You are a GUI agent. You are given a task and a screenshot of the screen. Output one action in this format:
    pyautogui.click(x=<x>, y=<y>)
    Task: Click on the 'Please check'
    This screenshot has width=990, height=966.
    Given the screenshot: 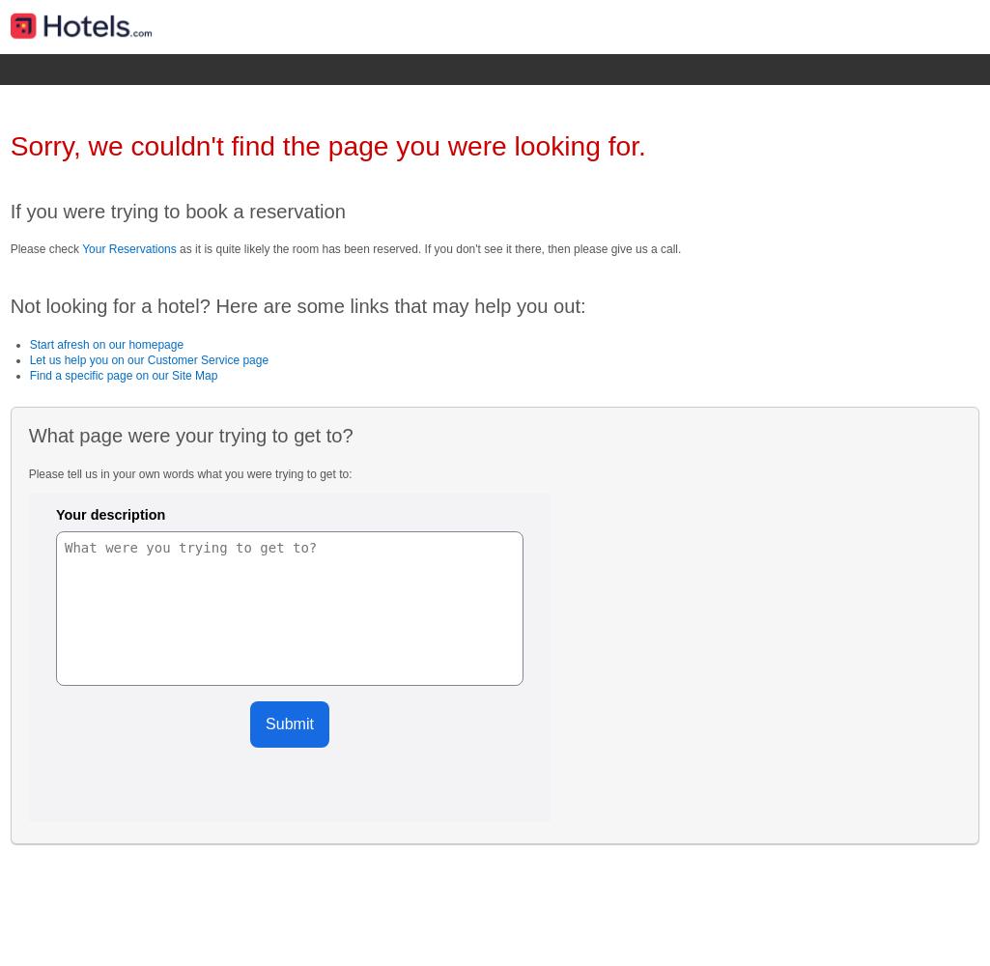 What is the action you would take?
    pyautogui.click(x=45, y=248)
    